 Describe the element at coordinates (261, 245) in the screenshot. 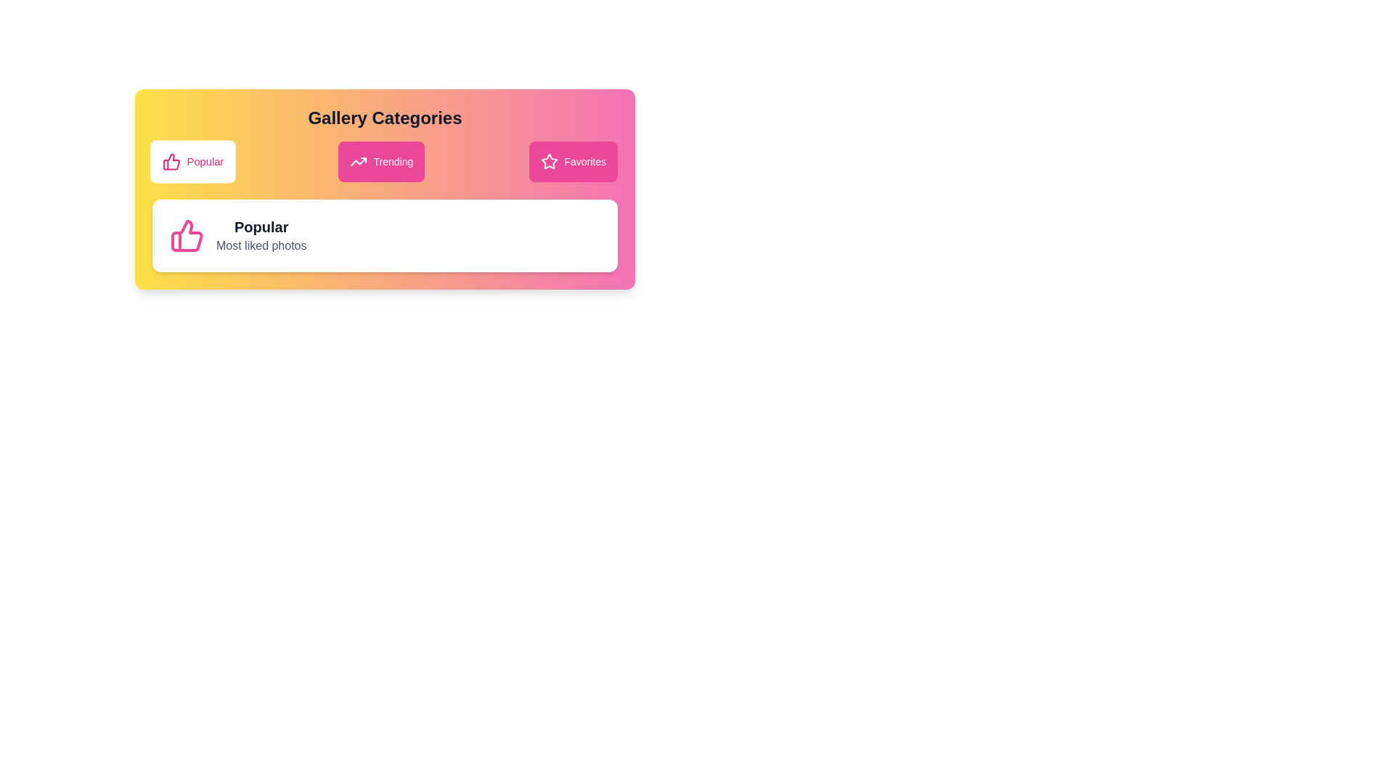

I see `the static text label reading 'Most liked photos', which is styled in gray and positioned beneath the 'Popular' text` at that location.